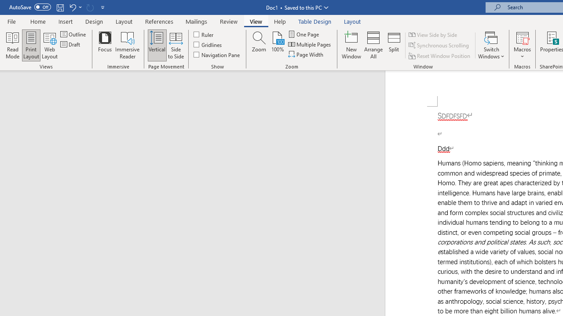  Describe the element at coordinates (351, 45) in the screenshot. I see `'New Window'` at that location.